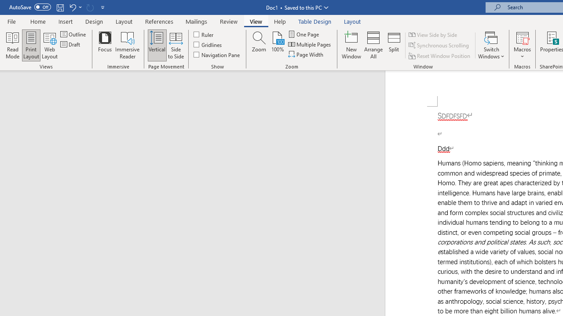  Describe the element at coordinates (351, 45) in the screenshot. I see `'New Window'` at that location.